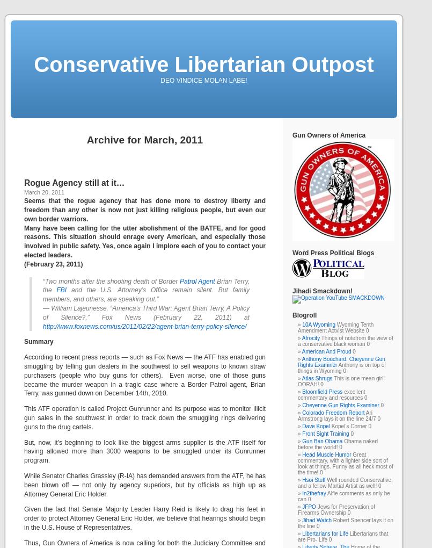  I want to click on 'Wyoming Tenth Amendment Actvist Website
0', so click(335, 327).